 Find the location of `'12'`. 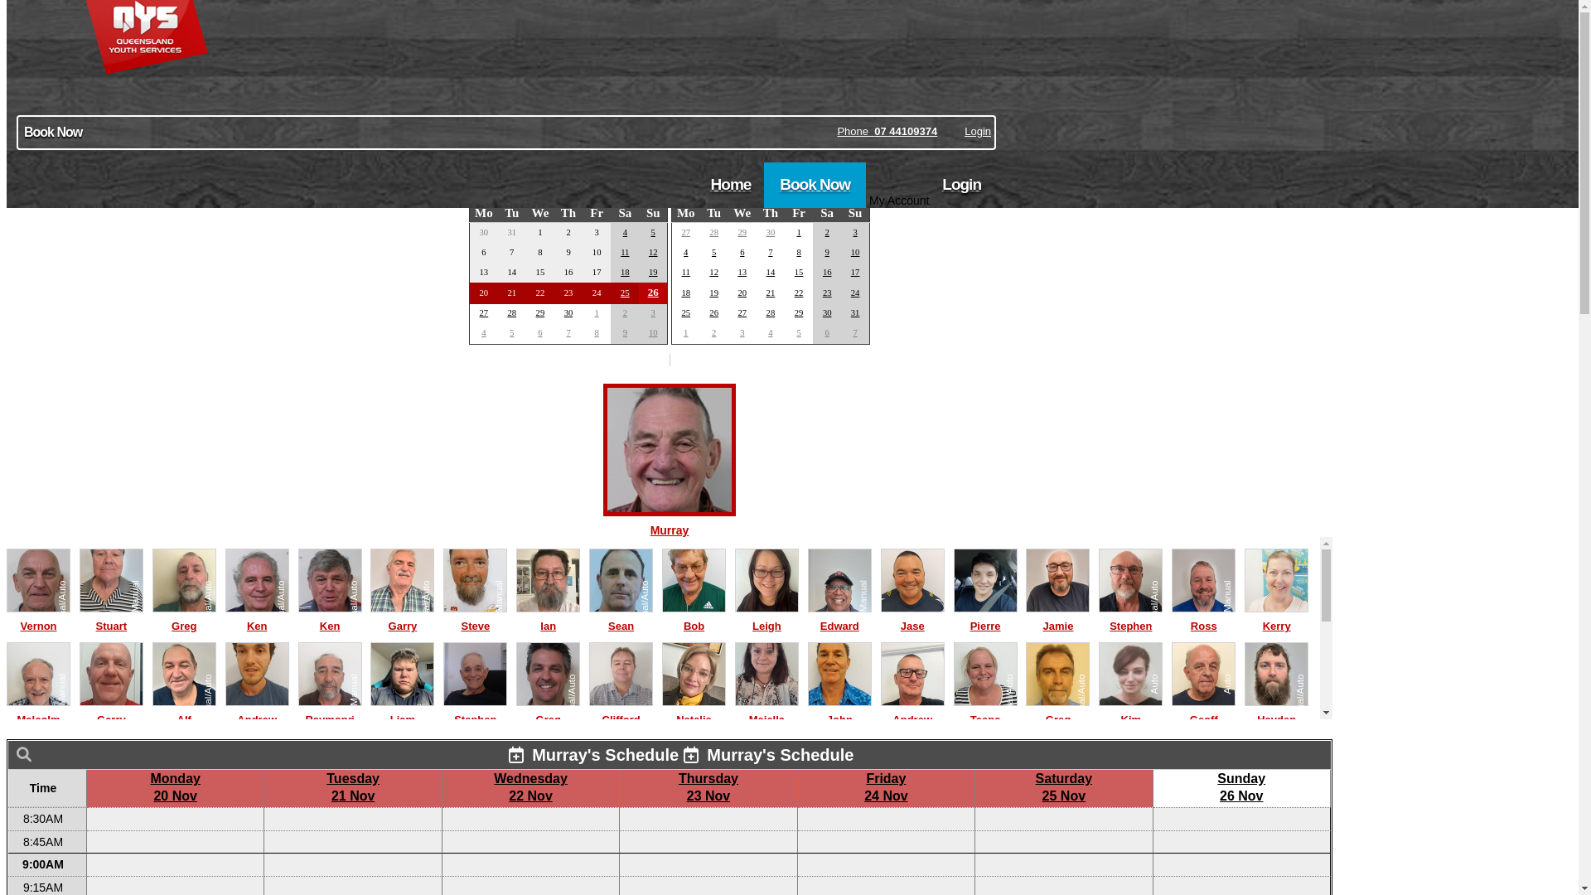

'12' is located at coordinates (652, 252).